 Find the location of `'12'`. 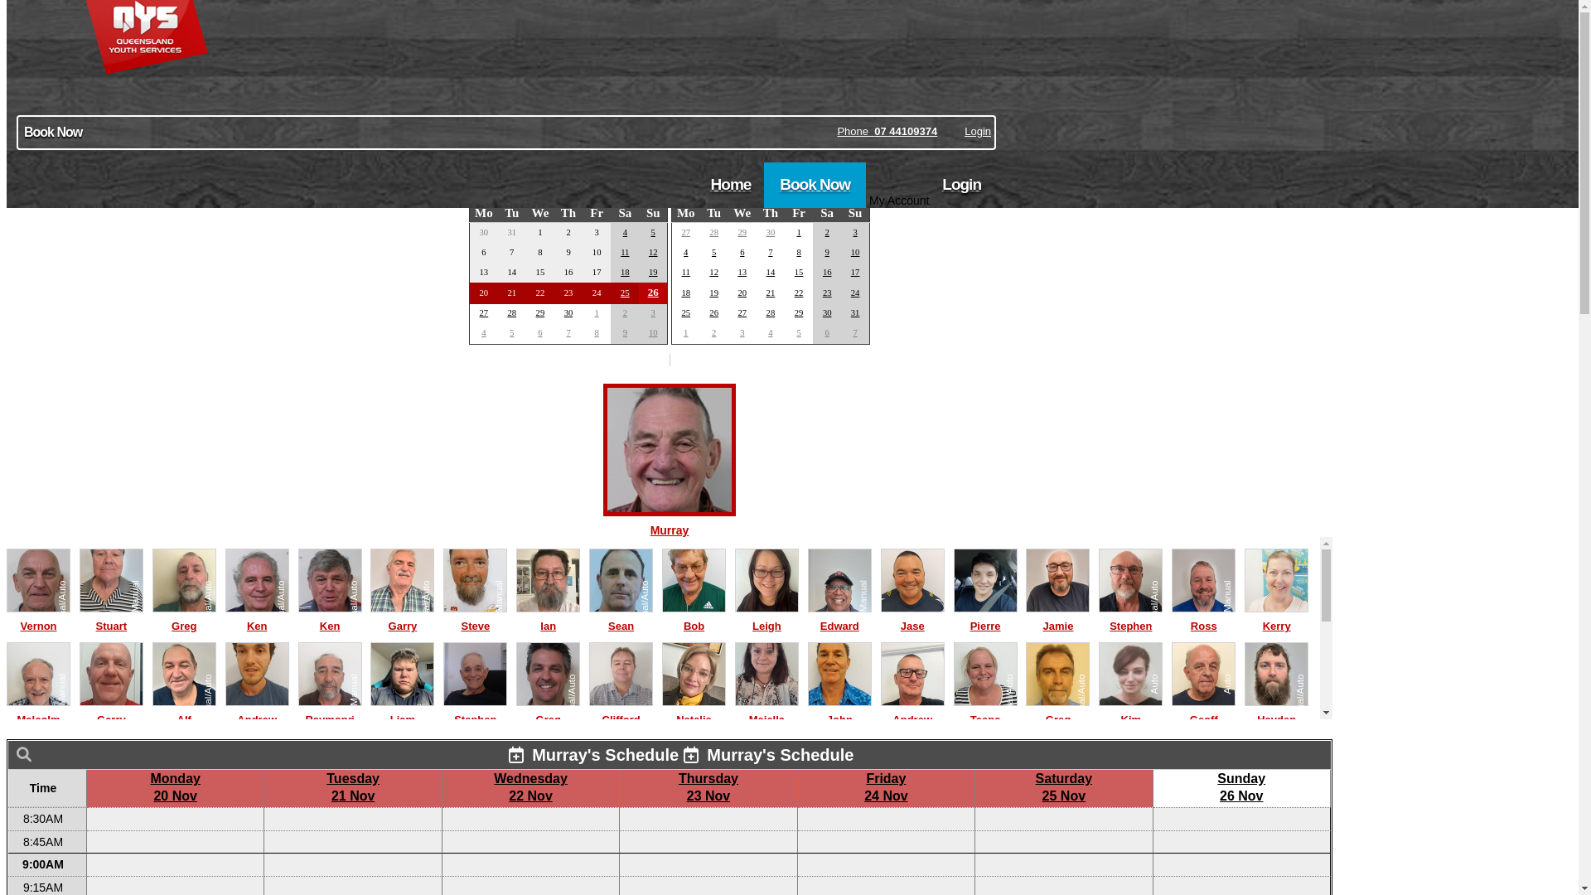

'12' is located at coordinates (652, 252).